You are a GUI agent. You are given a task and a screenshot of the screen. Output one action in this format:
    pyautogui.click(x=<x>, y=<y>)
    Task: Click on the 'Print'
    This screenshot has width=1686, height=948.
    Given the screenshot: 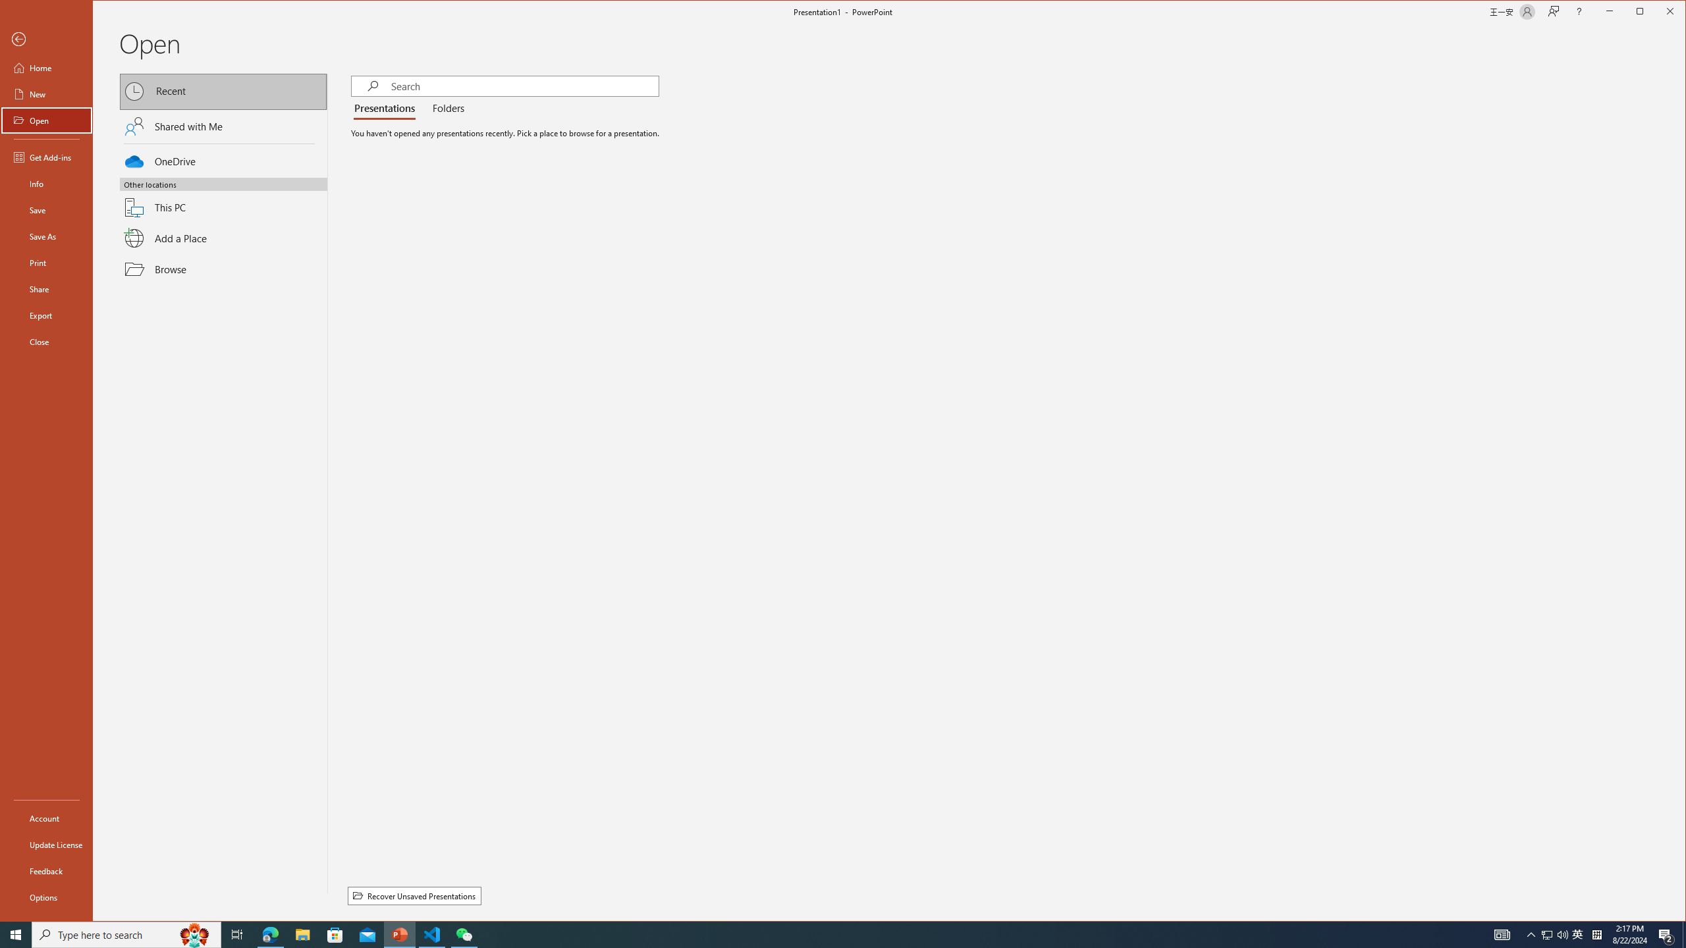 What is the action you would take?
    pyautogui.click(x=45, y=262)
    